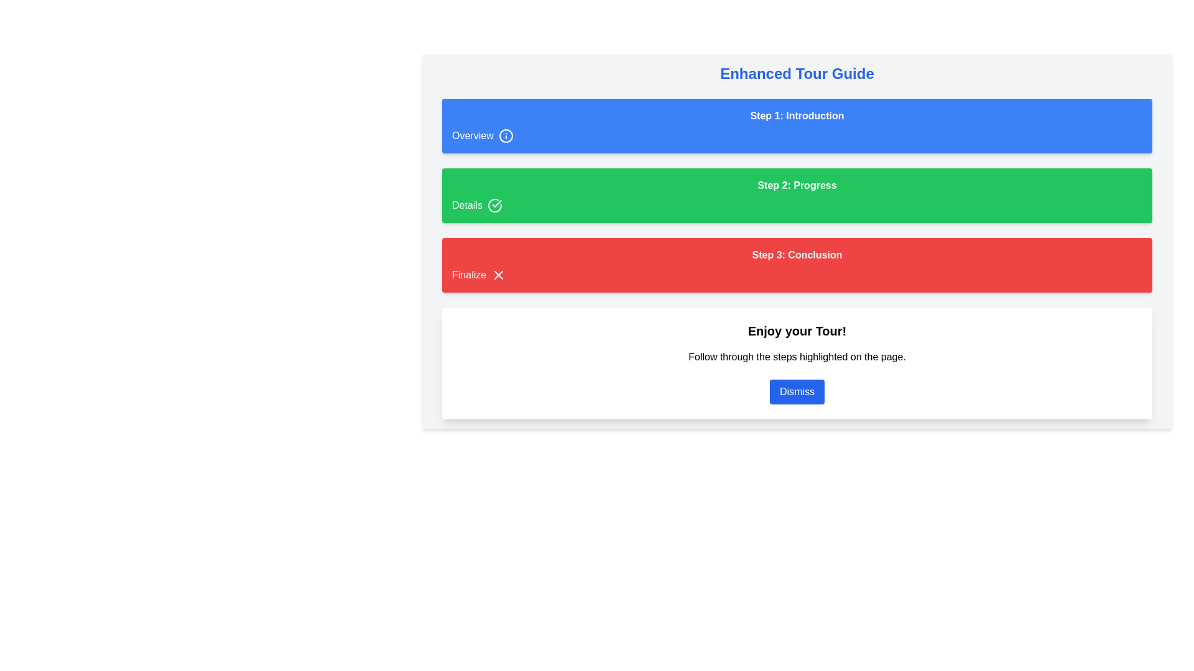 This screenshot has width=1194, height=671. What do you see at coordinates (494, 205) in the screenshot?
I see `the icon indicating a successful or completed state located within the green 'Details' section, positioned to the right of the text and as the first graphical element adjacent to the label` at bounding box center [494, 205].